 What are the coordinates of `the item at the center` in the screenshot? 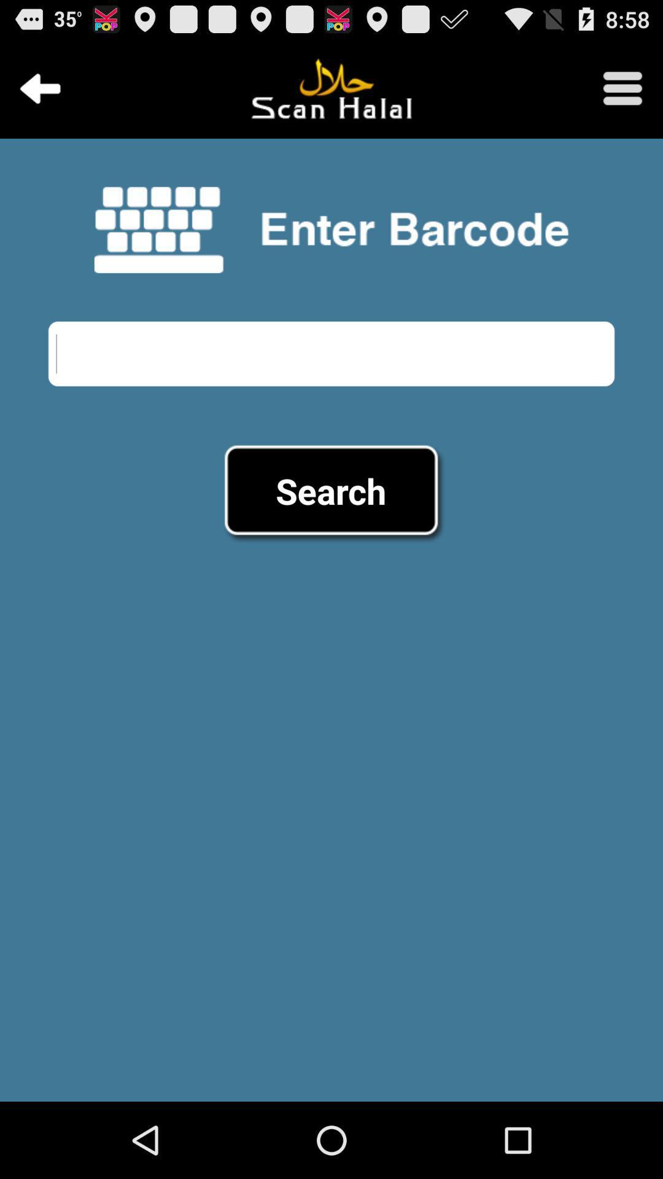 It's located at (330, 490).